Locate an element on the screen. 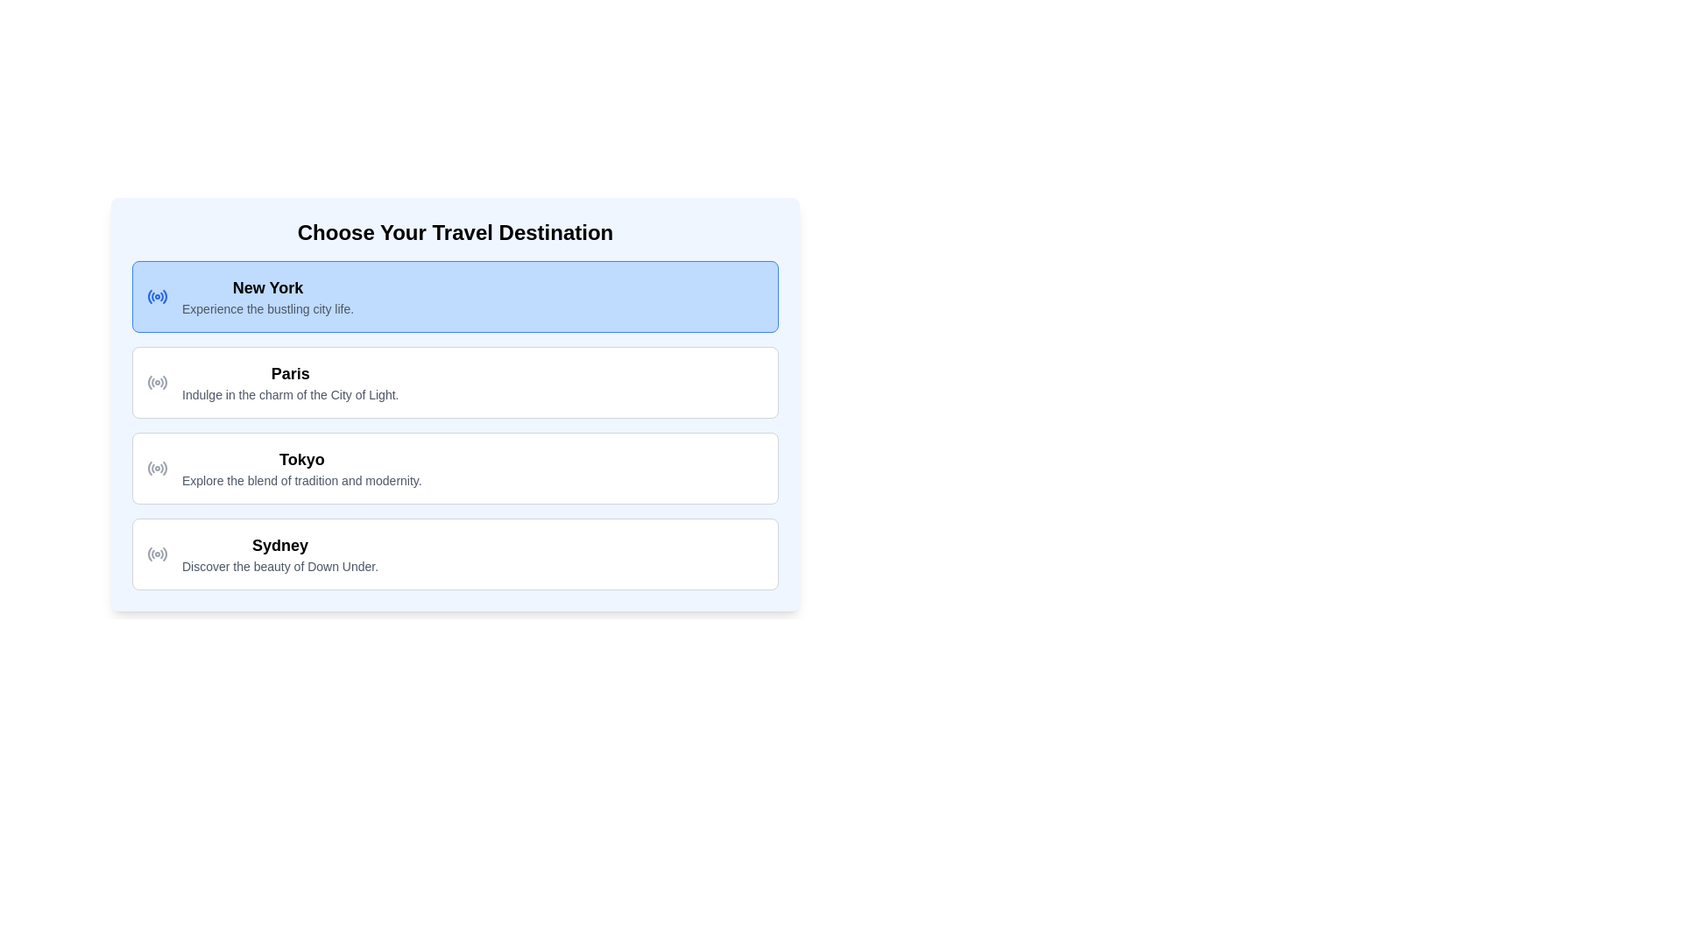 The height and width of the screenshot is (946, 1682). the fifth and outermost arc of the radio button graphic, which is located to the left of the 'Tokyo' text in the list item is located at coordinates (165, 467).